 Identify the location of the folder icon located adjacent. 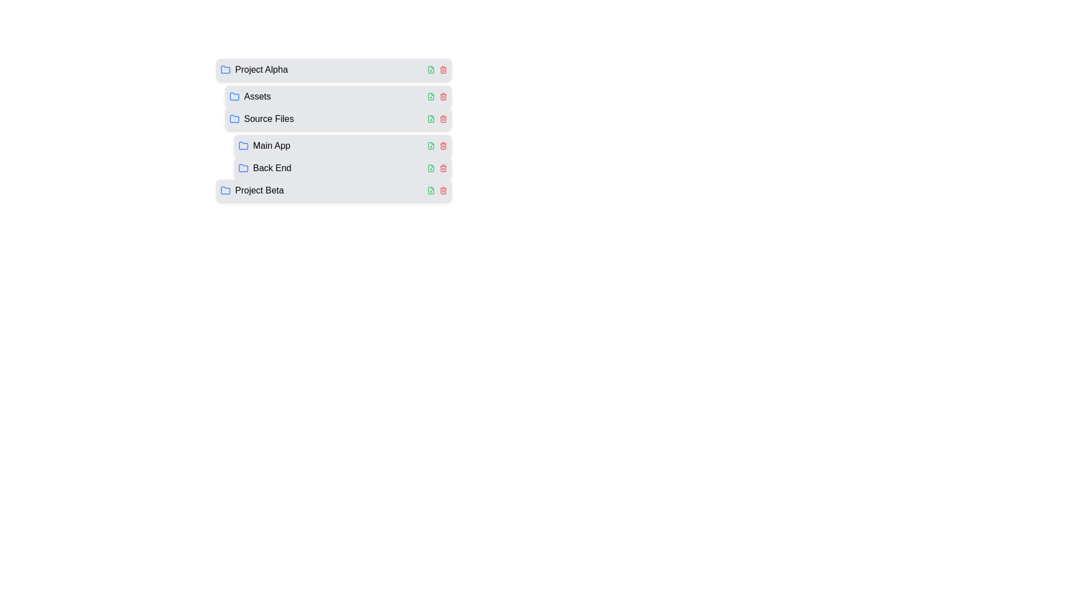
(243, 145).